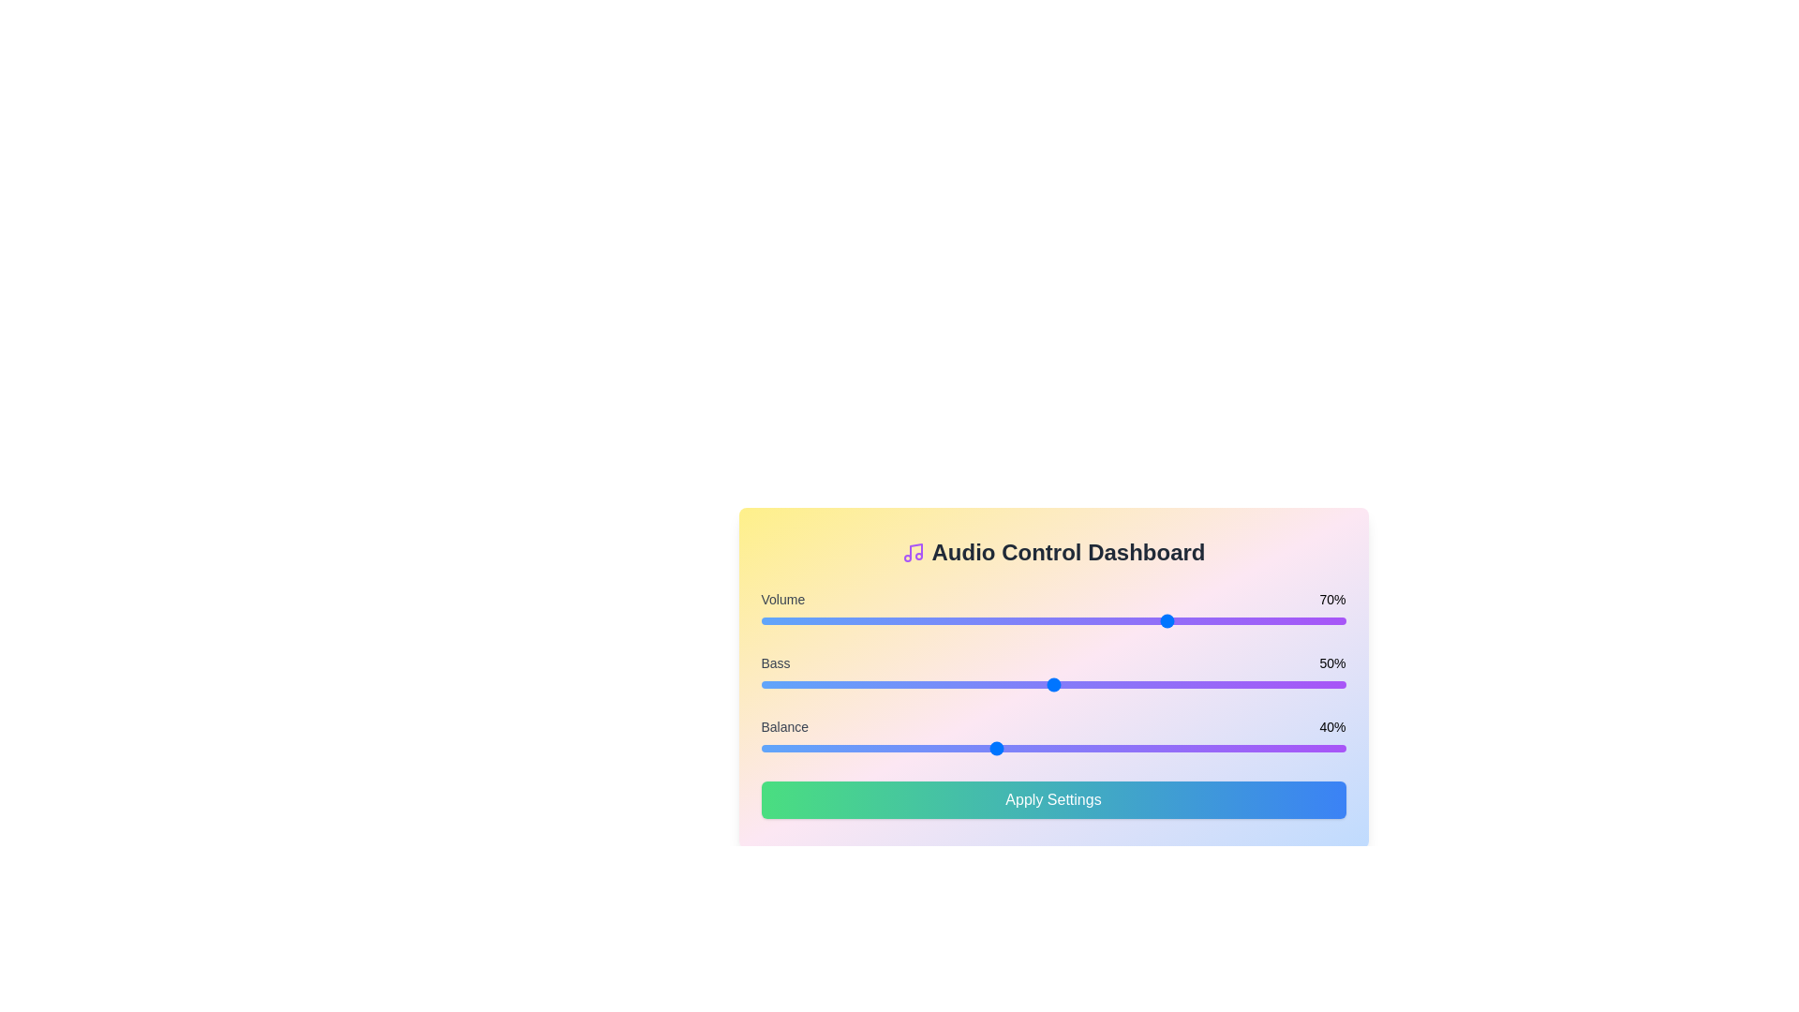 This screenshot has height=1012, width=1799. I want to click on balance, so click(1157, 747).